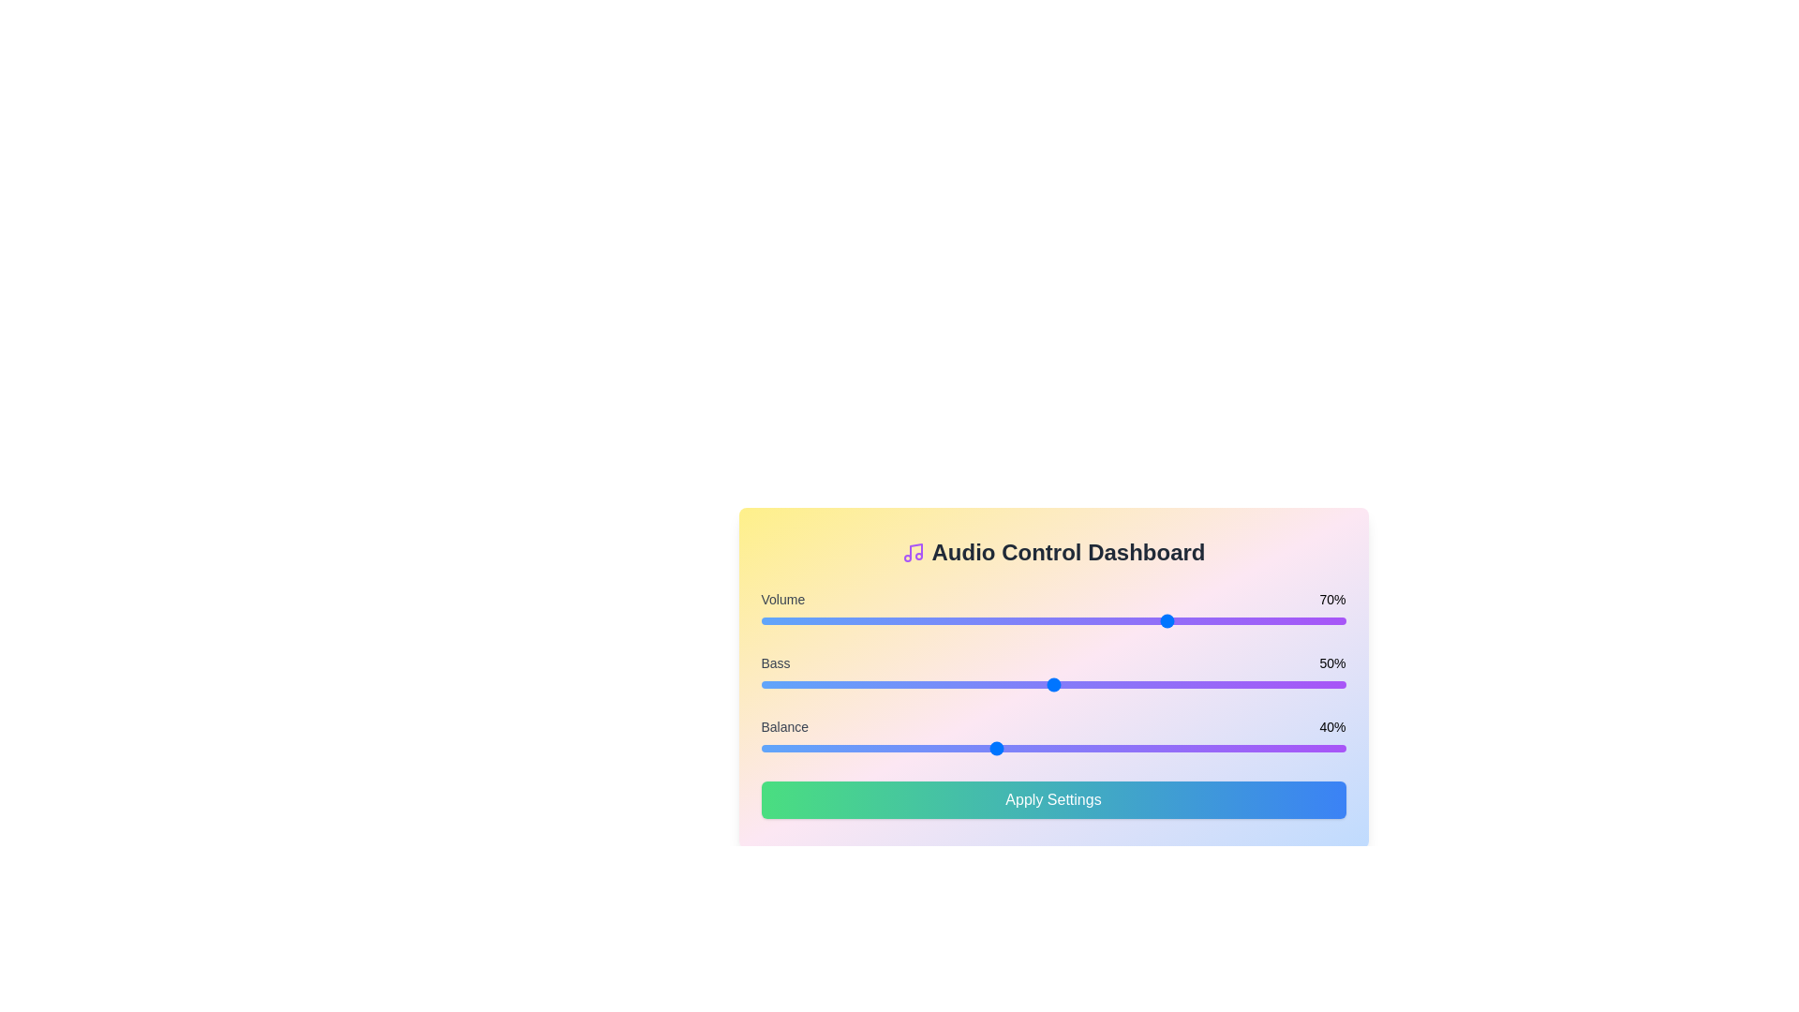 This screenshot has height=1012, width=1799. I want to click on balance, so click(1157, 747).